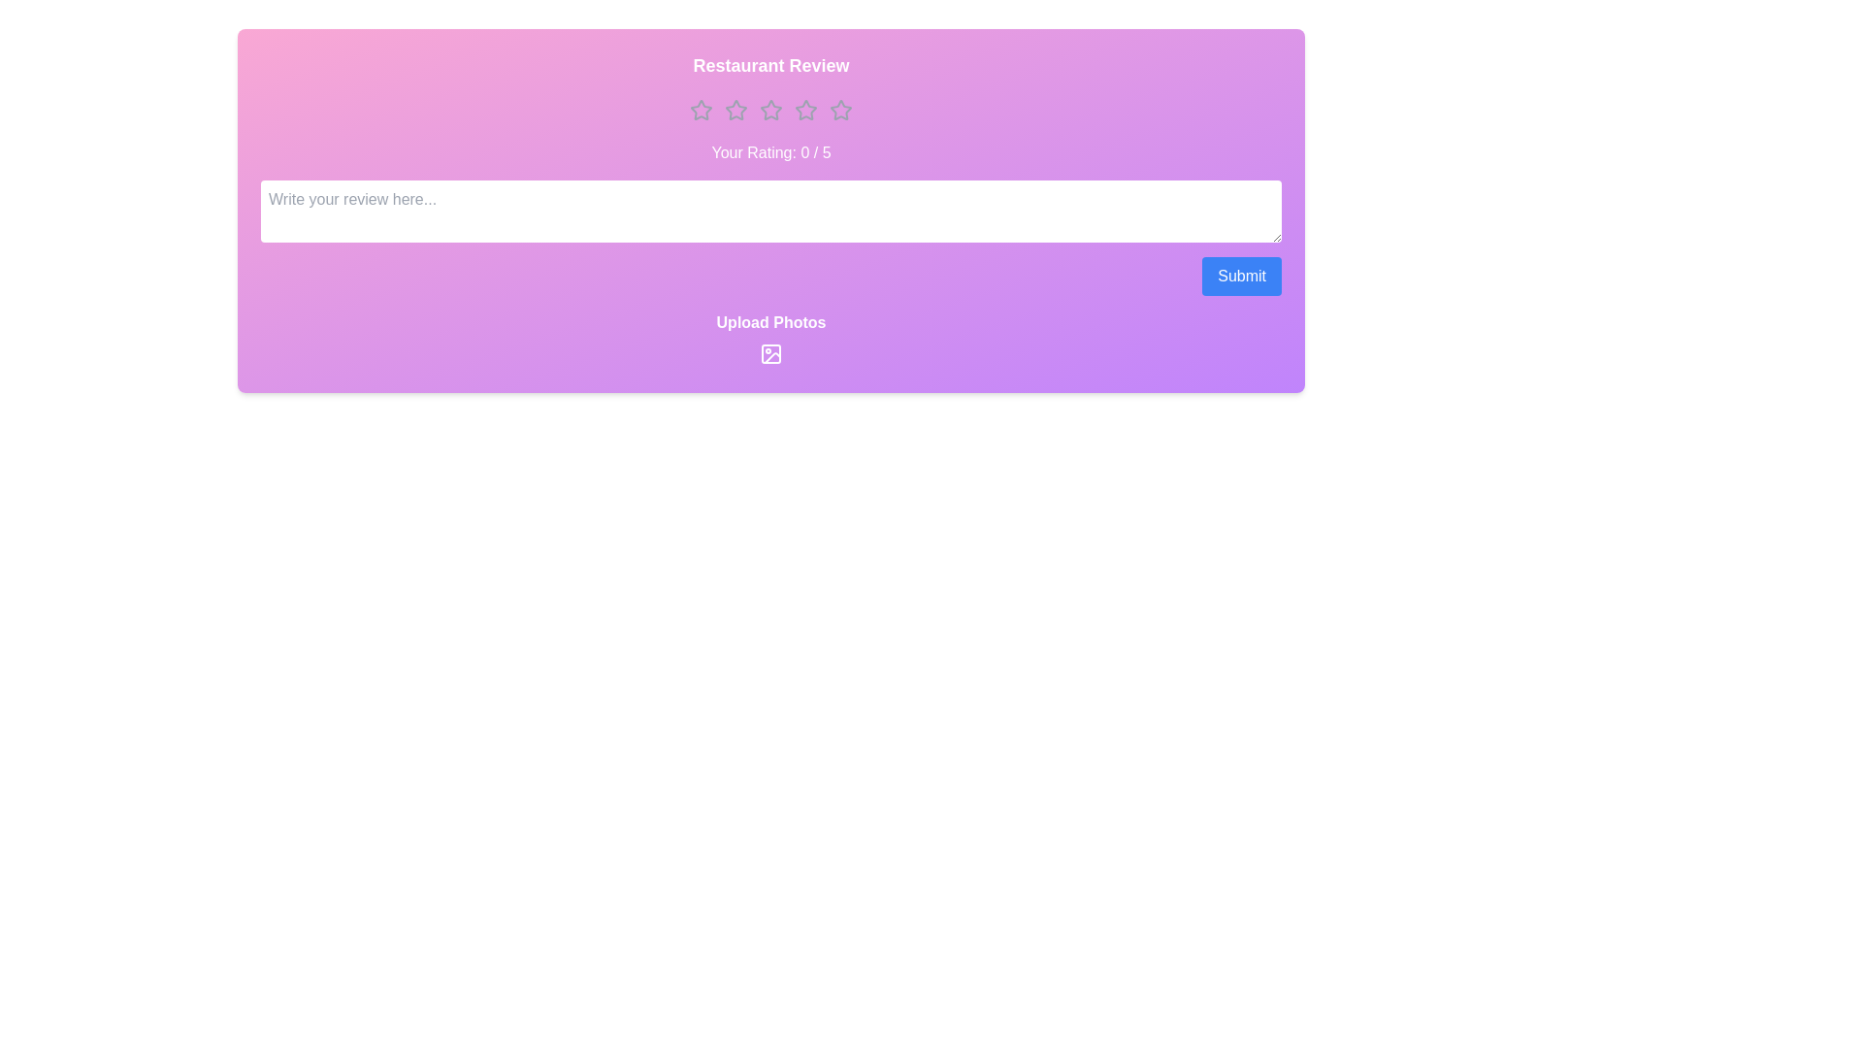 The height and width of the screenshot is (1048, 1863). What do you see at coordinates (805, 111) in the screenshot?
I see `the rating to 4 stars by clicking on the respective star` at bounding box center [805, 111].